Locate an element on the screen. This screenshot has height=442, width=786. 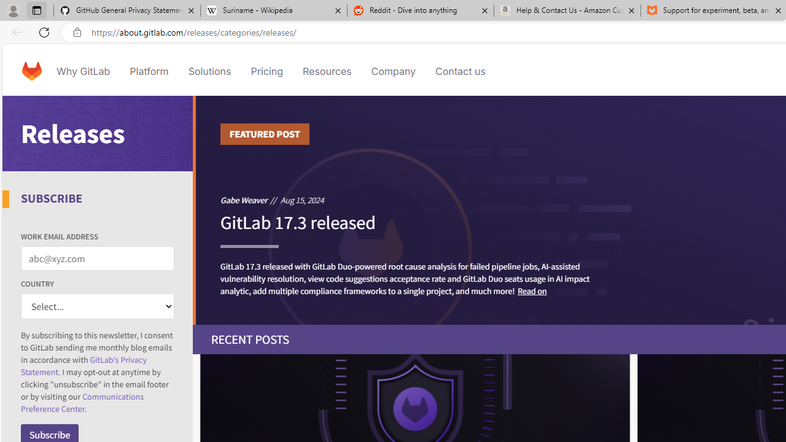
'WORK EMAIL ADDRESS' is located at coordinates (97, 258).